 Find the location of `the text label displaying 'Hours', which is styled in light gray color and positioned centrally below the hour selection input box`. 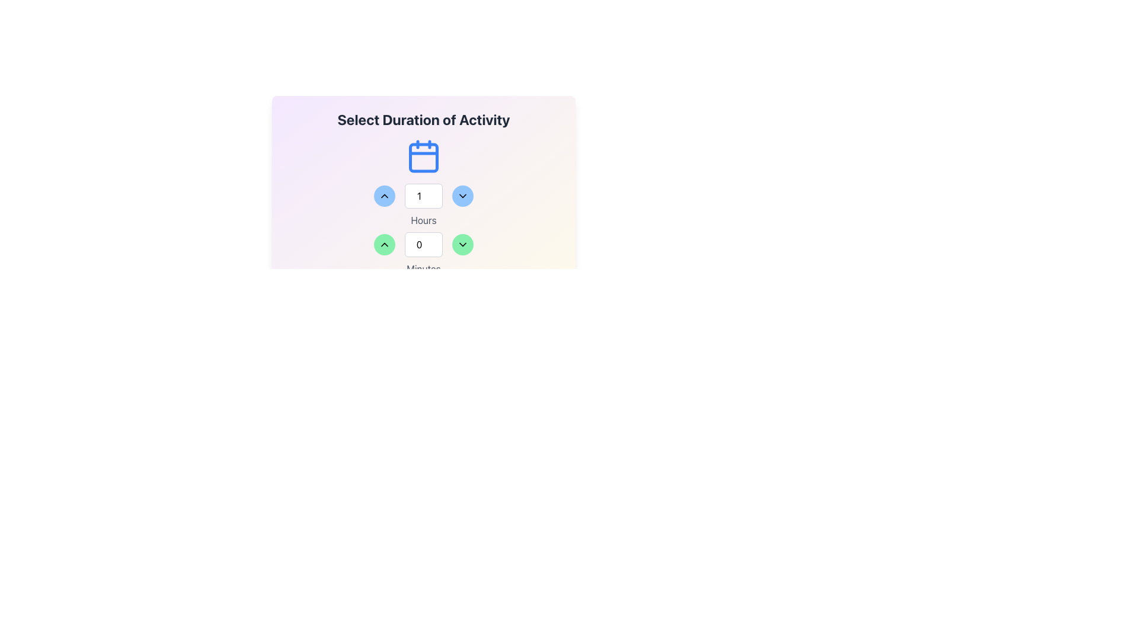

the text label displaying 'Hours', which is styled in light gray color and positioned centrally below the hour selection input box is located at coordinates (424, 220).